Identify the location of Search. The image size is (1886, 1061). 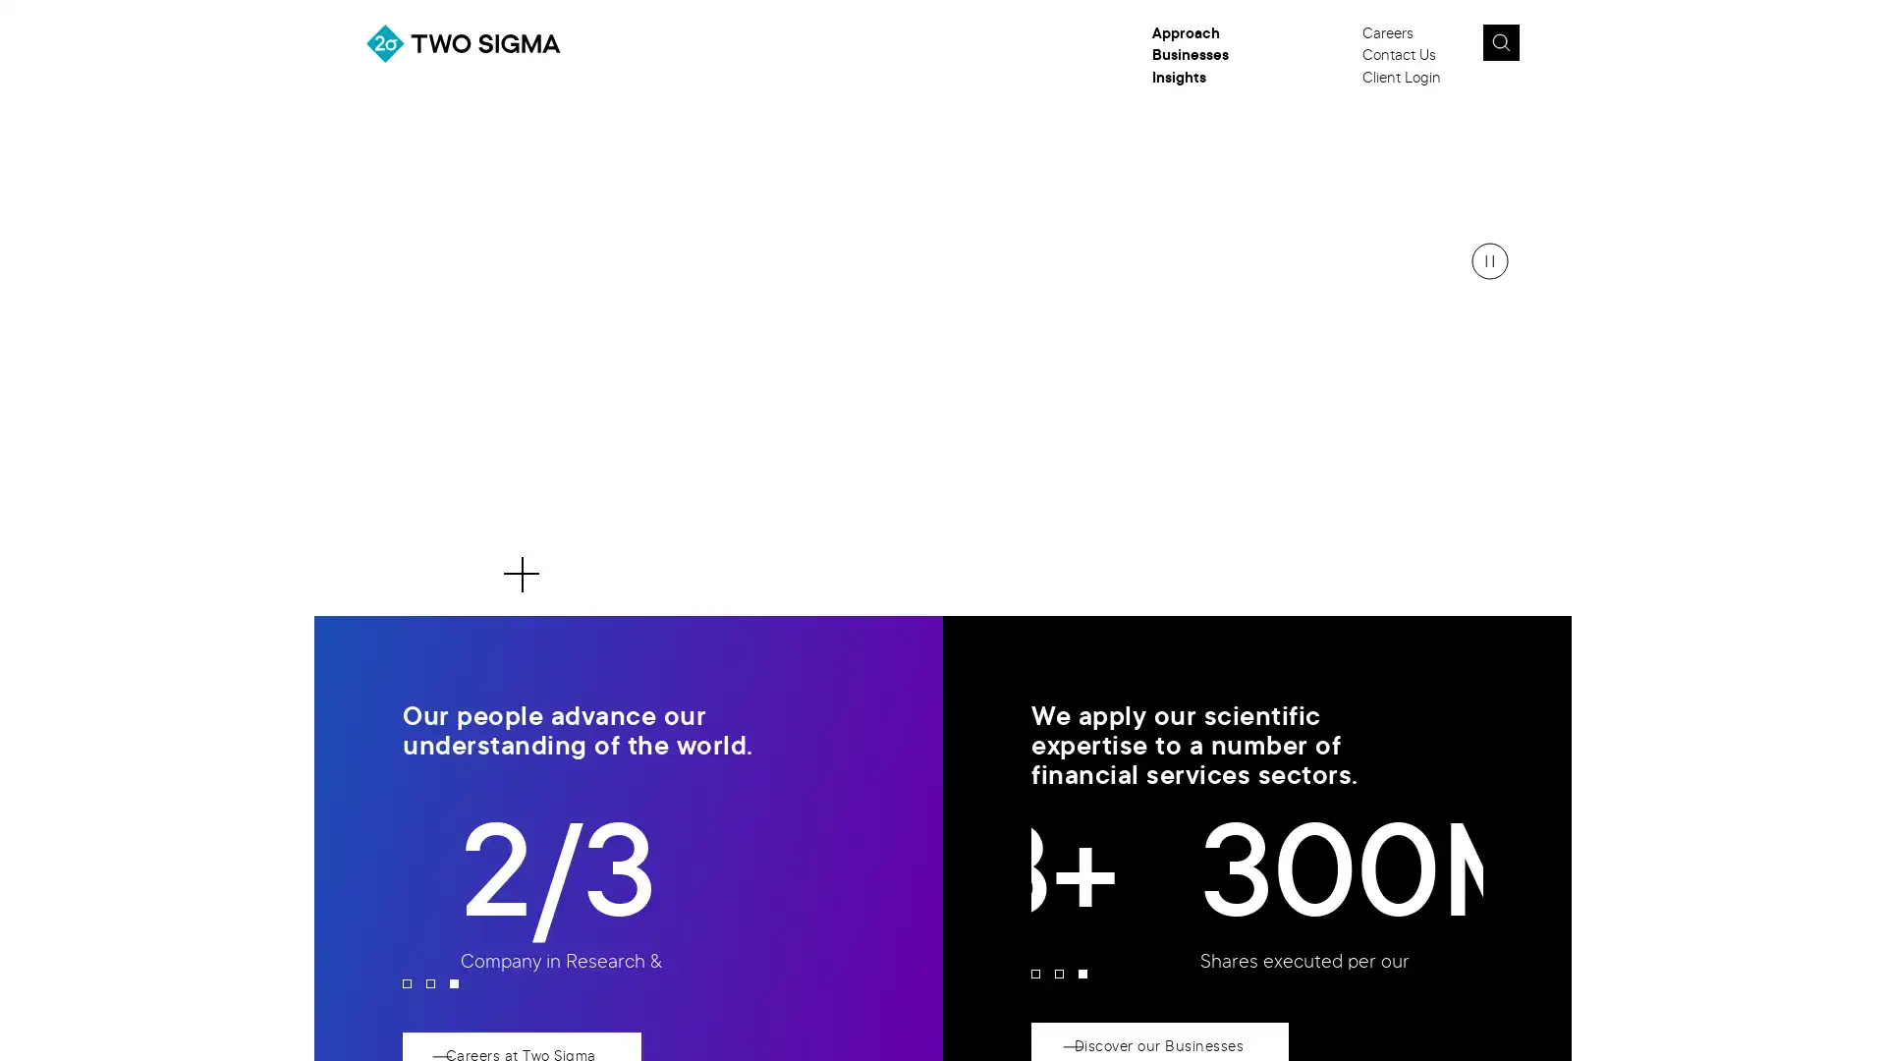
(1545, 48).